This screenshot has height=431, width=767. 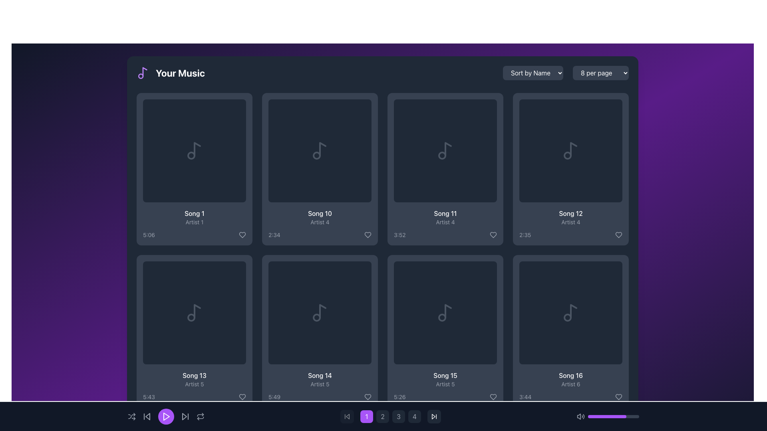 I want to click on the volume, so click(x=589, y=416).